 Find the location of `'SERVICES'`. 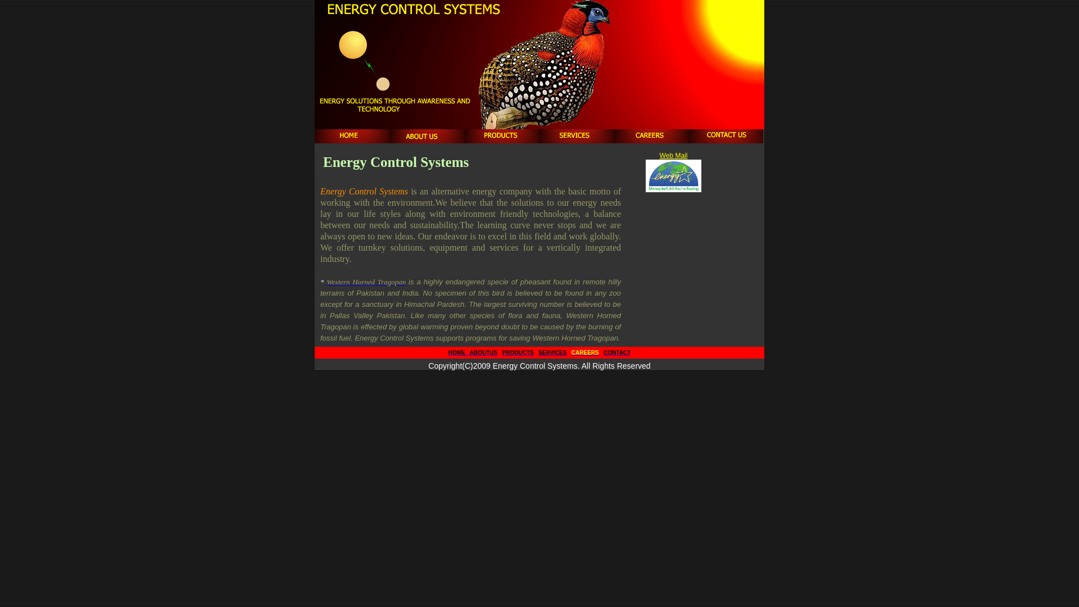

'SERVICES' is located at coordinates (538, 352).